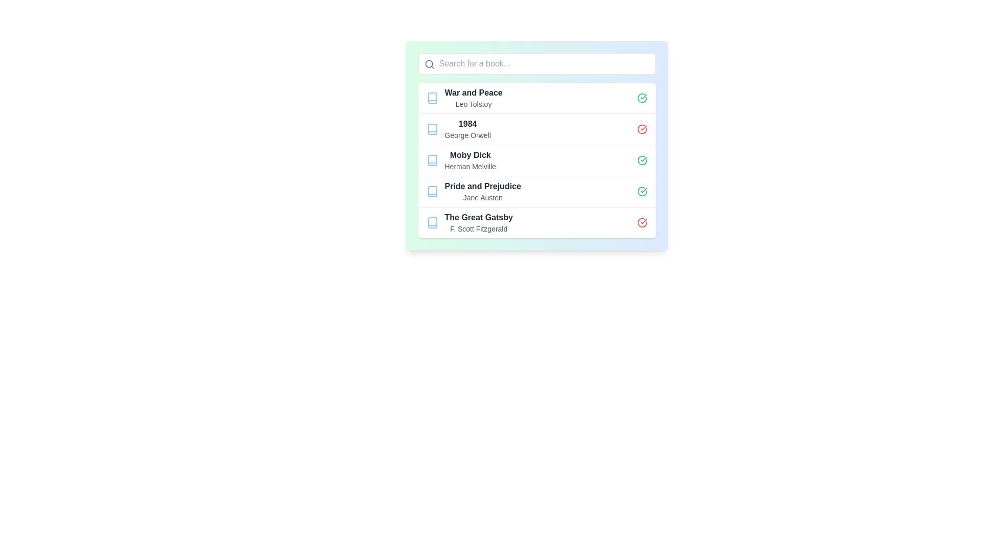 This screenshot has height=552, width=982. Describe the element at coordinates (536, 128) in the screenshot. I see `the selectable list item for the book '1984' by George Orwell, located` at that location.